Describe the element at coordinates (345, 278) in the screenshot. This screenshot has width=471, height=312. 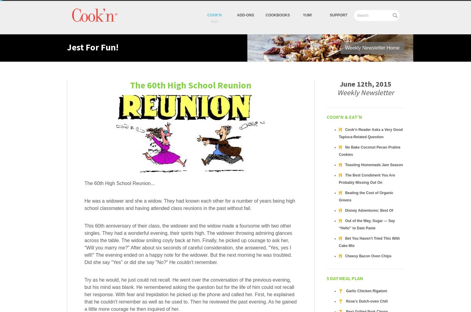
I see `'5 Day Meal Plan'` at that location.